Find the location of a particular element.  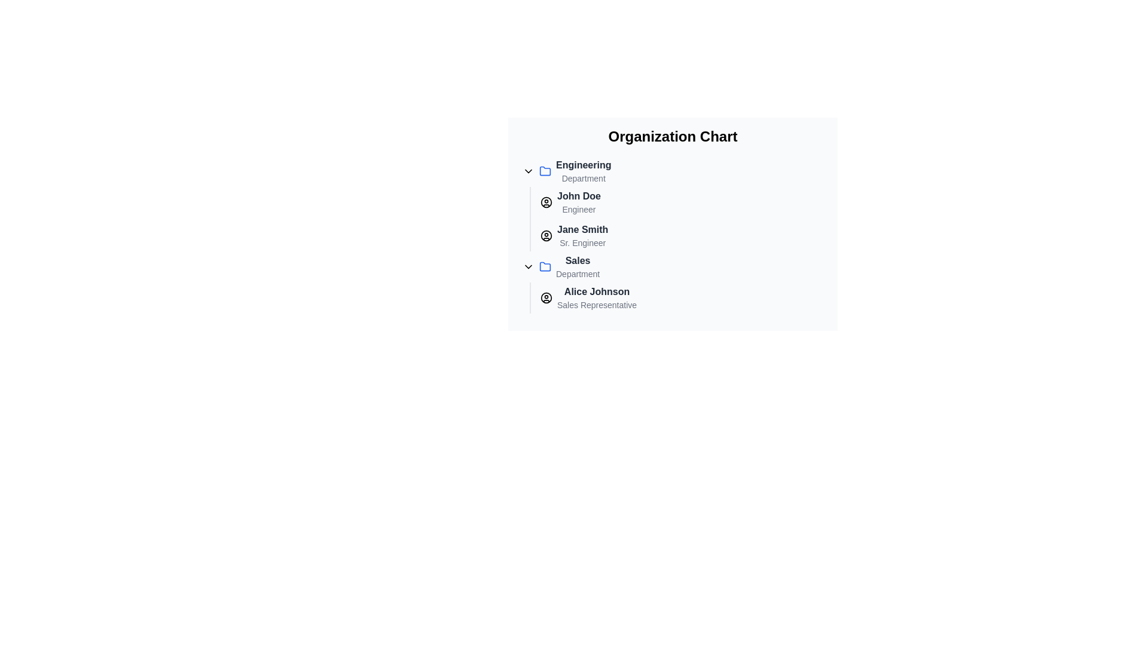

the icon representing Alice Johnson, located in the 'Sales' section of the organizational chart, next to the bold text 'Alice Johnson, Sales Representative' is located at coordinates (545, 297).